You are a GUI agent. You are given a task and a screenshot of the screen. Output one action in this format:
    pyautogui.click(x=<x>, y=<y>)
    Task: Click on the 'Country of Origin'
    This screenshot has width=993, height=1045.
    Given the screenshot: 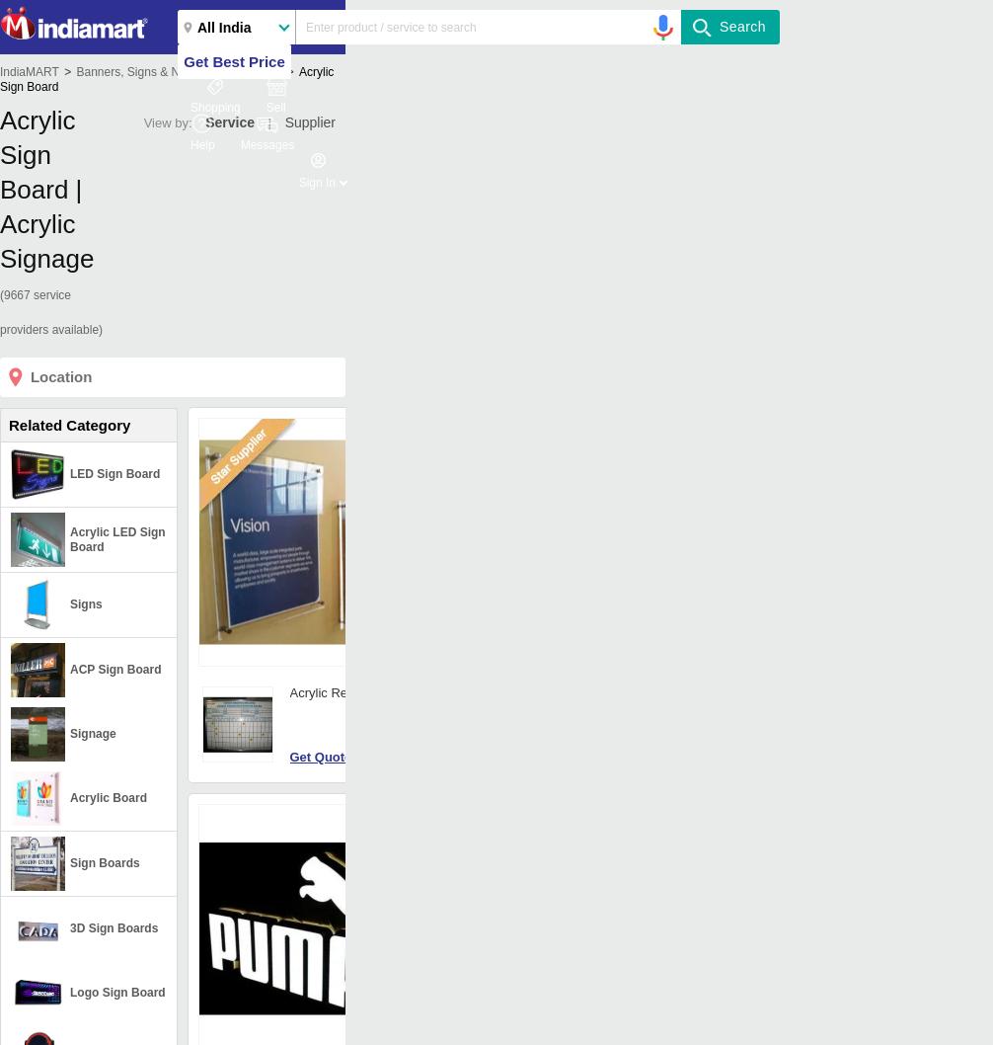 What is the action you would take?
    pyautogui.click(x=470, y=913)
    